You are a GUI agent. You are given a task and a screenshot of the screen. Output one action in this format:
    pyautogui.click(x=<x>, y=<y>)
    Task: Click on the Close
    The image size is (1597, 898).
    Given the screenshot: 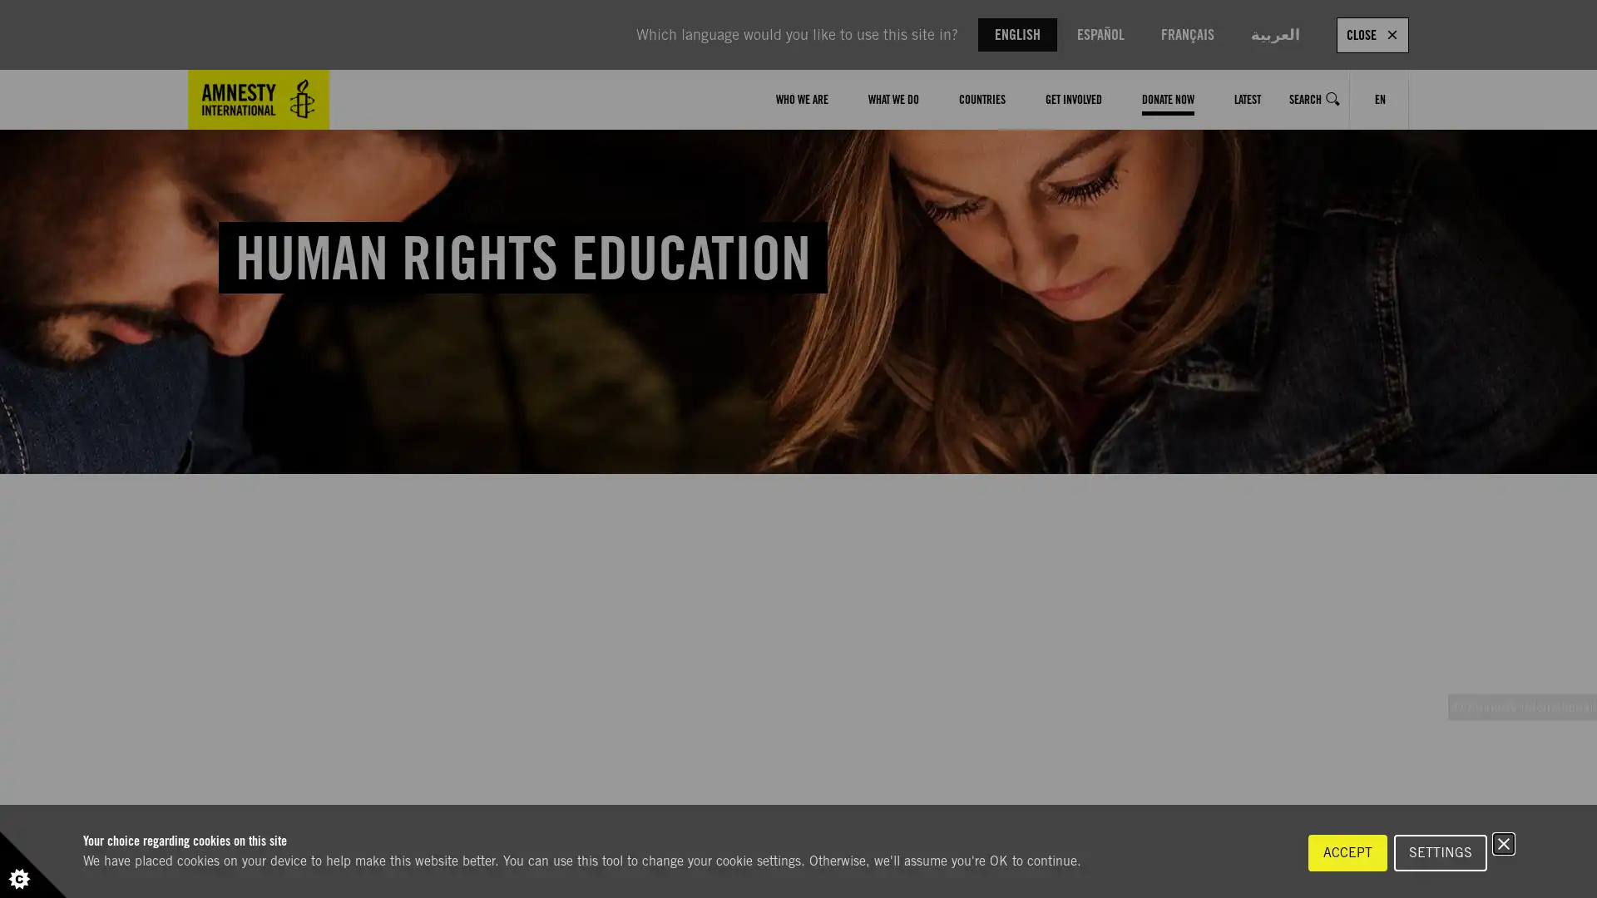 What is the action you would take?
    pyautogui.click(x=1504, y=843)
    